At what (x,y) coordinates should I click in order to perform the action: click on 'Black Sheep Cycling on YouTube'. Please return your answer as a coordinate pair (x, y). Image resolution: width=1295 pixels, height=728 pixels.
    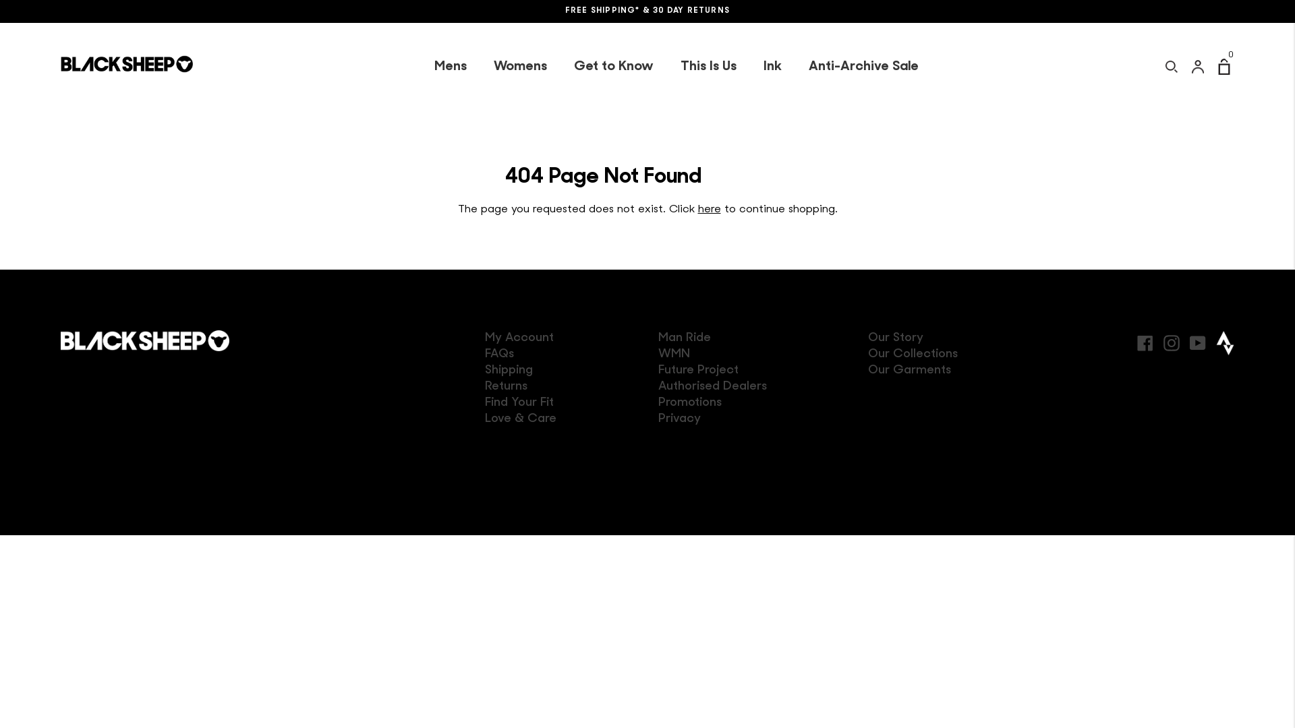
    Looking at the image, I should click on (1198, 340).